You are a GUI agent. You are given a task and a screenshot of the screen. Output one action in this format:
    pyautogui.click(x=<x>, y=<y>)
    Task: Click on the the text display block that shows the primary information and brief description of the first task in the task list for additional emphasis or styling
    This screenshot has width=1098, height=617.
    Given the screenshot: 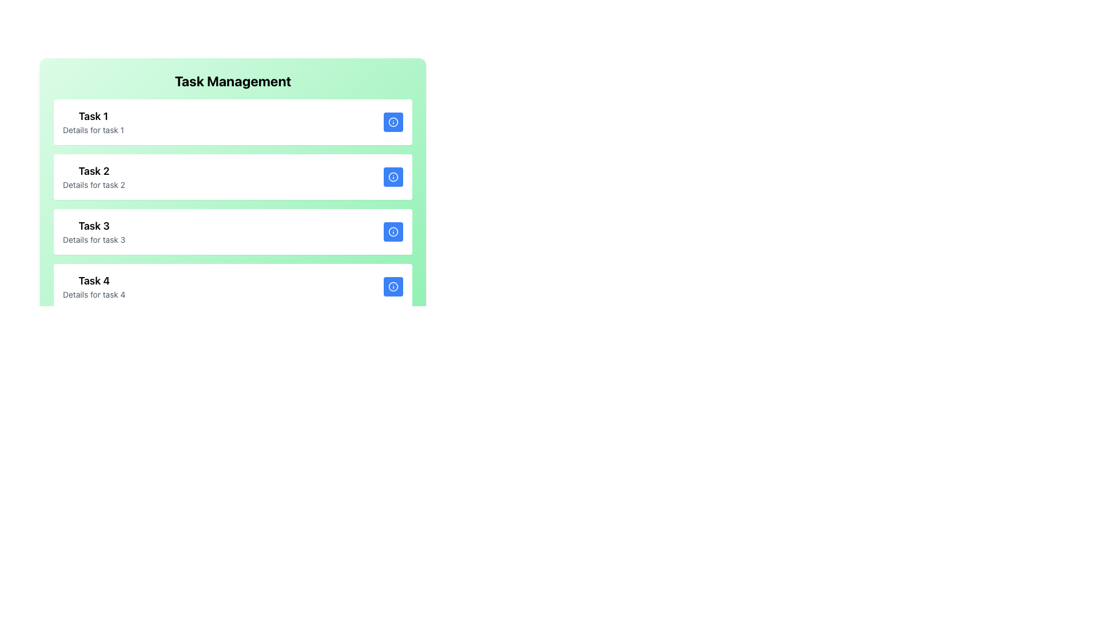 What is the action you would take?
    pyautogui.click(x=93, y=122)
    